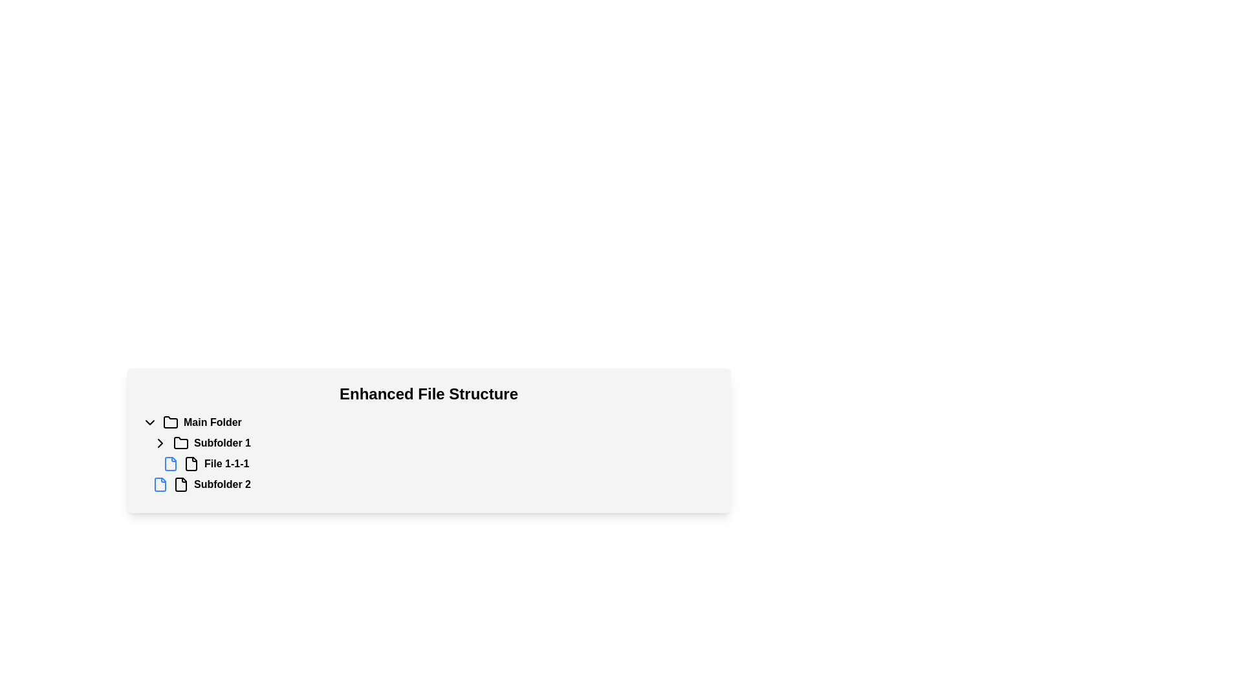 The image size is (1242, 698). Describe the element at coordinates (160, 484) in the screenshot. I see `the first file icon associated with the 'Subfolder 2' label in the hierarchical file structure` at that location.